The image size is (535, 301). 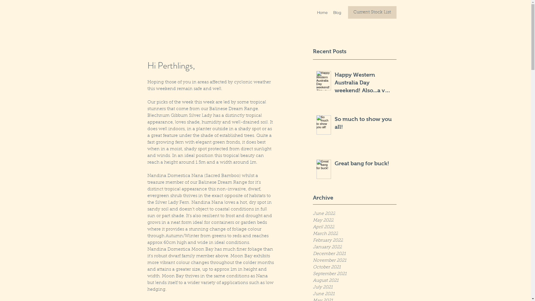 What do you see at coordinates (354, 227) in the screenshot?
I see `'April 2022'` at bounding box center [354, 227].